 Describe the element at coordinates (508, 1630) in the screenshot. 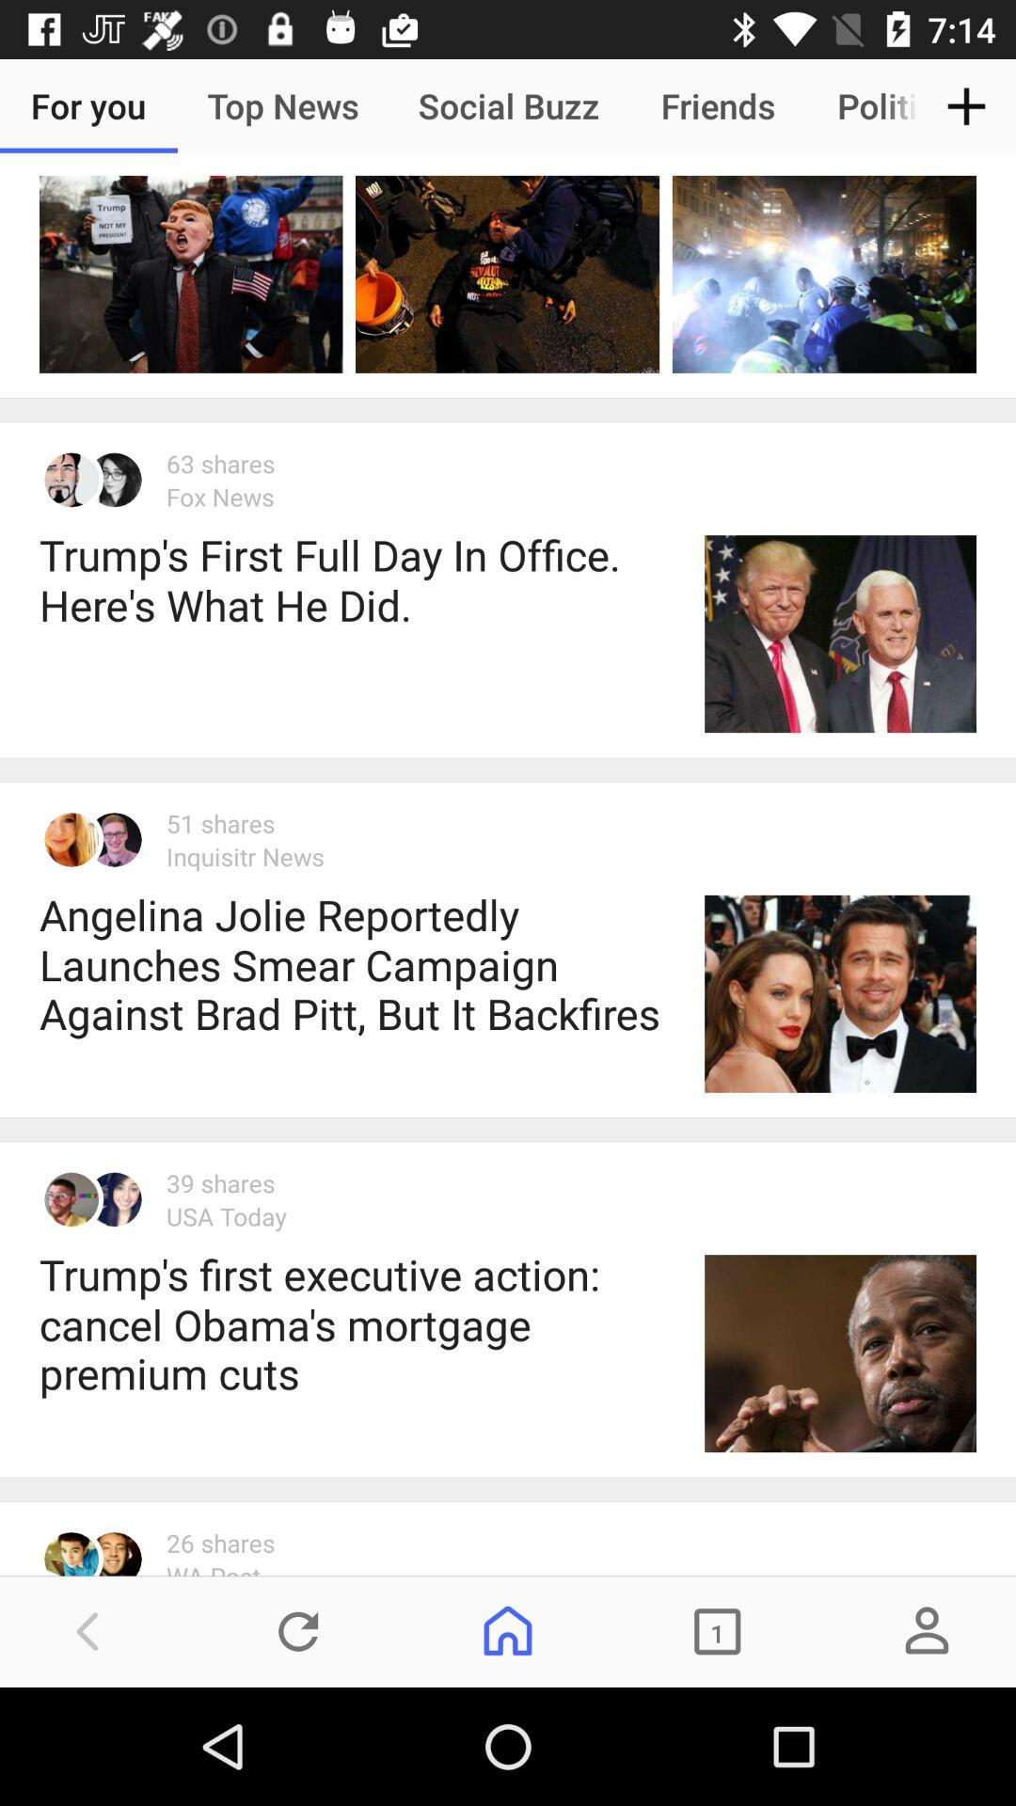

I see `the home icon` at that location.